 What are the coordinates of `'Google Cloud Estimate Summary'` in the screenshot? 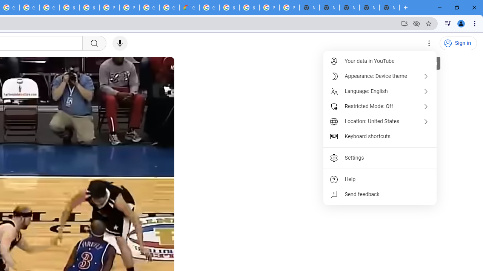 It's located at (189, 8).